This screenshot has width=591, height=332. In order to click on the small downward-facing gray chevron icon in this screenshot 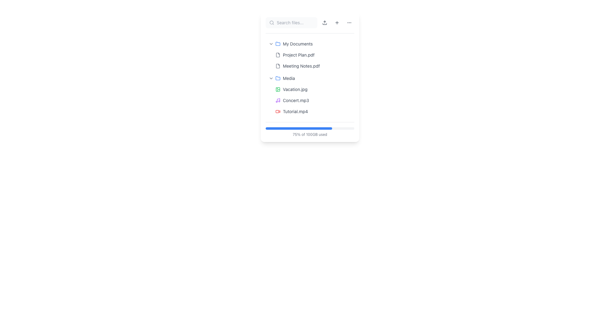, I will do `click(271, 78)`.